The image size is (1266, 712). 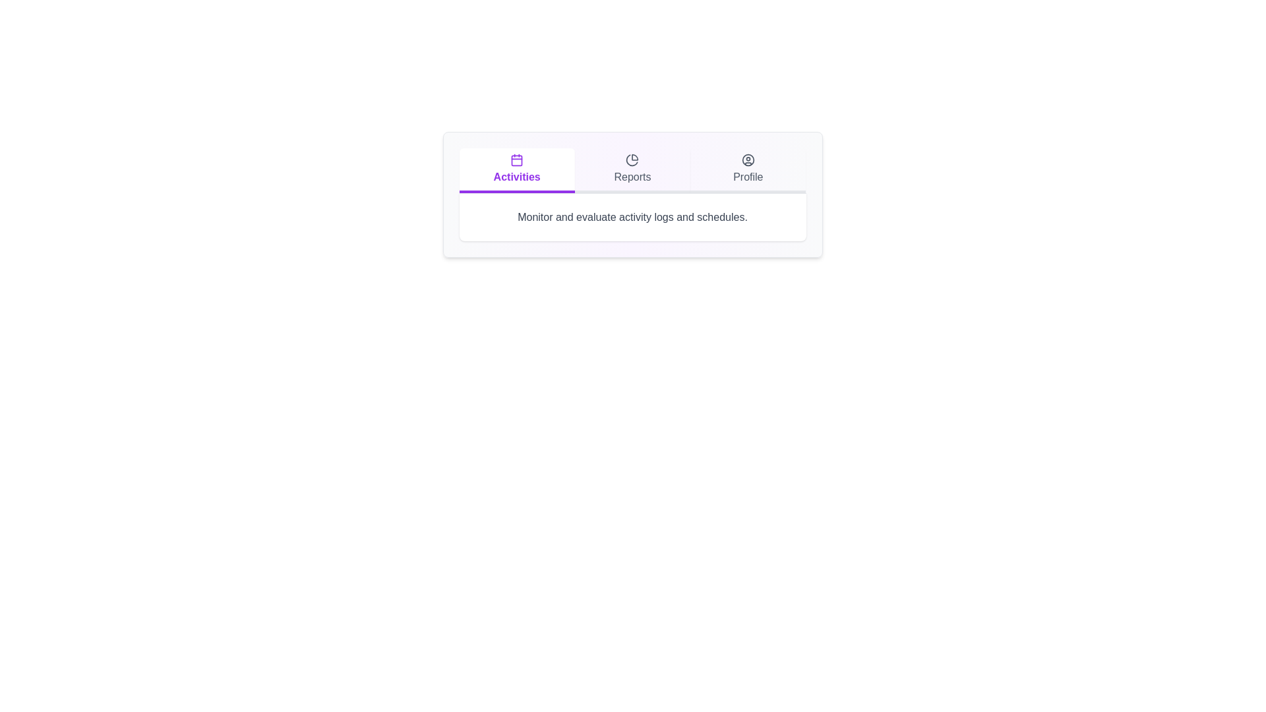 I want to click on the Profile tab, so click(x=748, y=169).